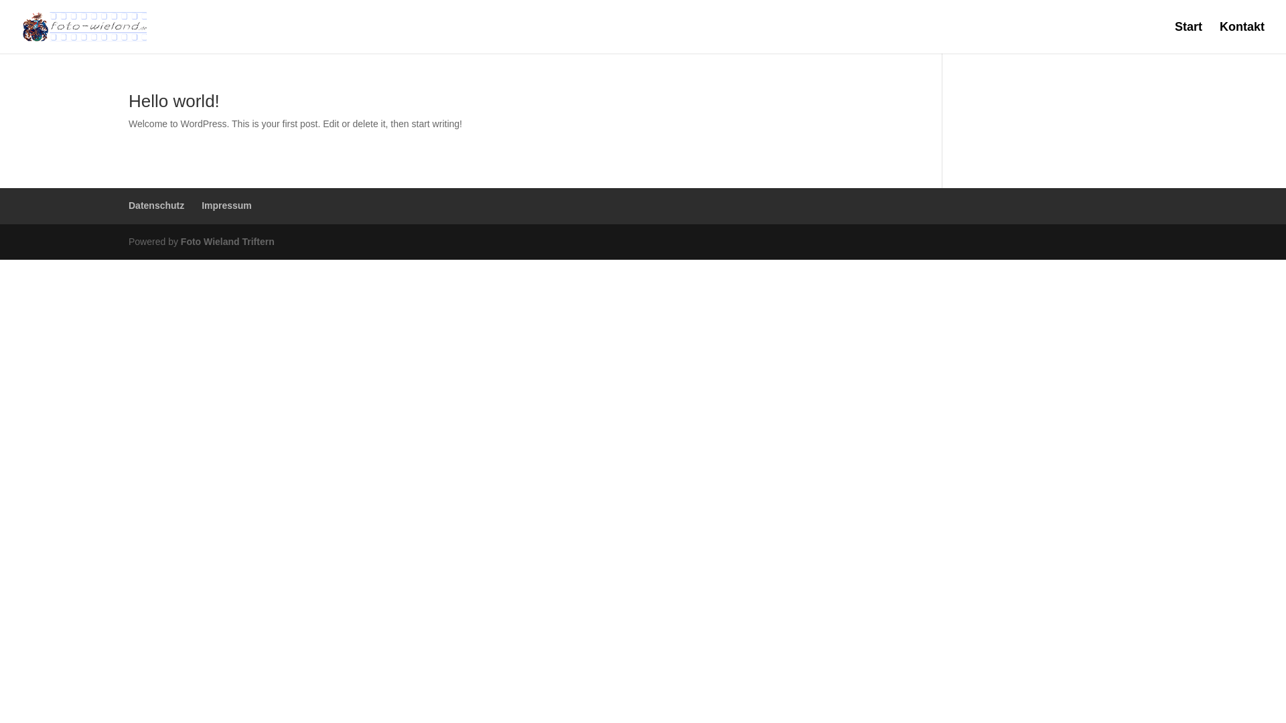 The height and width of the screenshot is (723, 1286). Describe the element at coordinates (1241, 37) in the screenshot. I see `'Kontakt'` at that location.